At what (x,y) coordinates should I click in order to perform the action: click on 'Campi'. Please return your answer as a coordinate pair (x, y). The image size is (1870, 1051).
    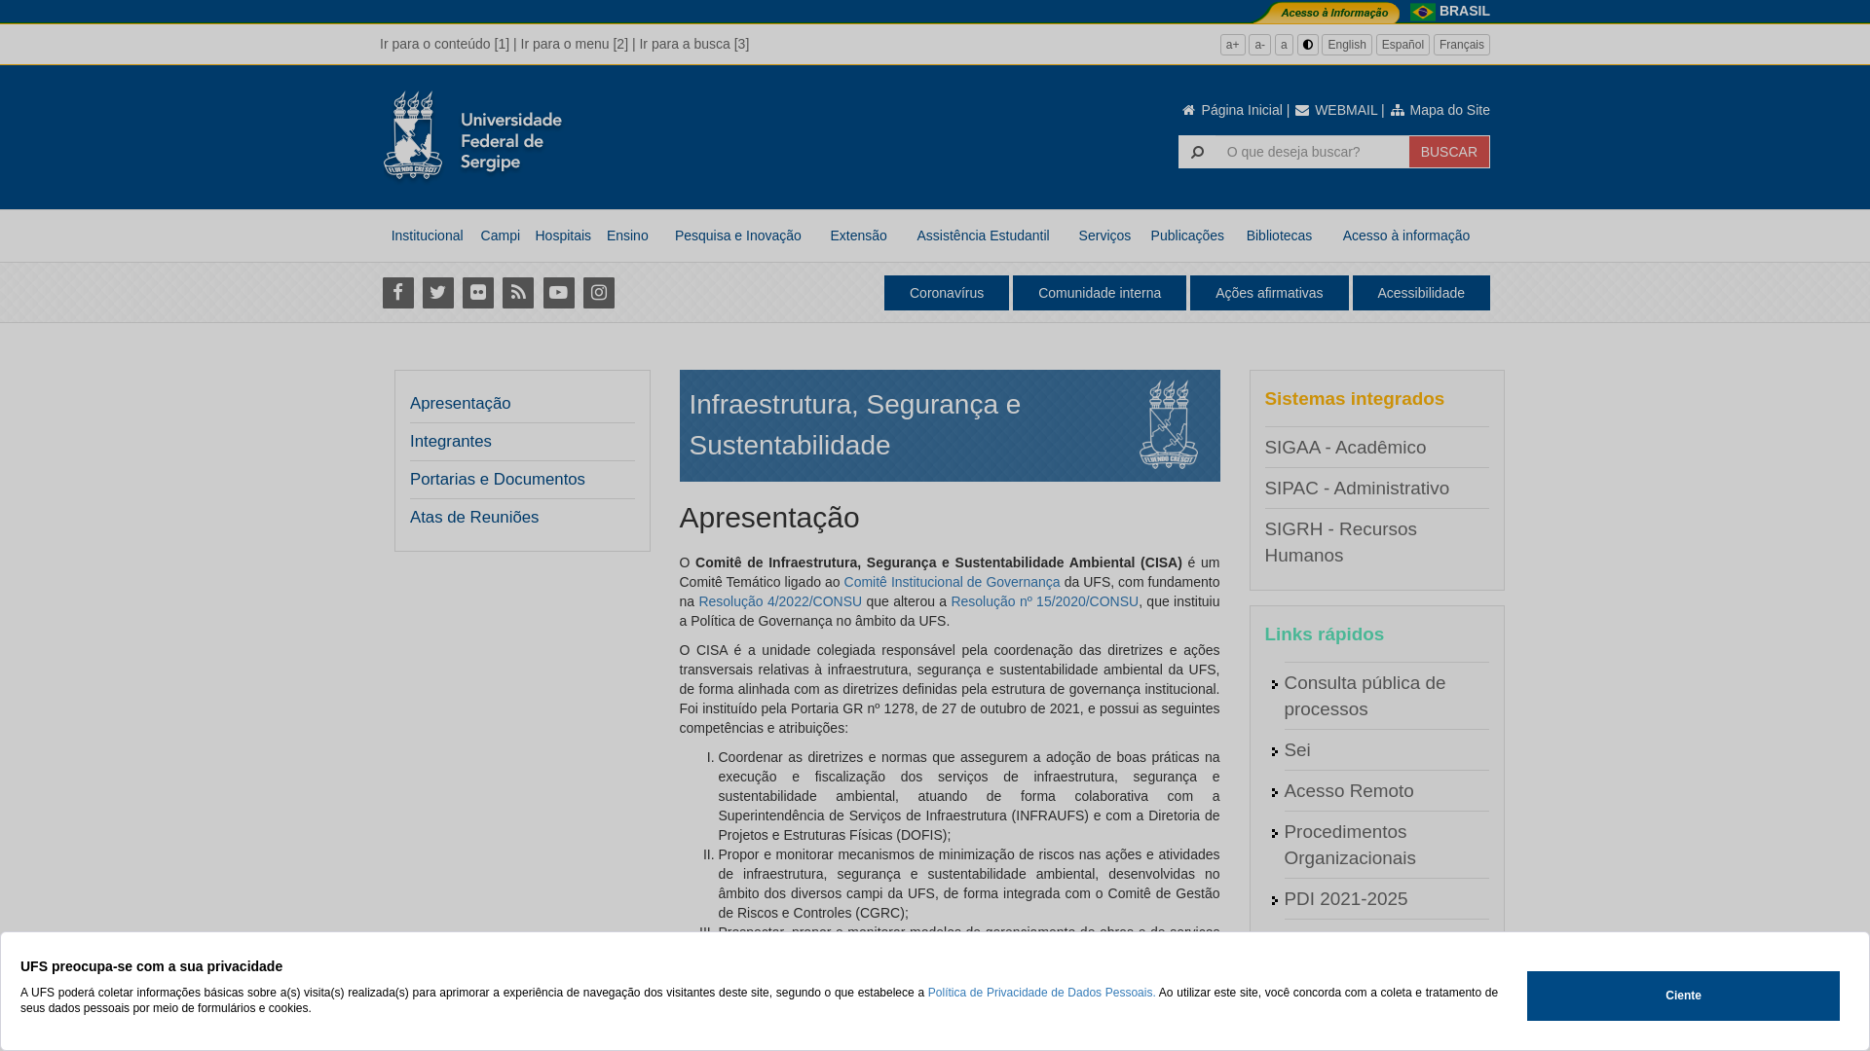
    Looking at the image, I should click on (500, 235).